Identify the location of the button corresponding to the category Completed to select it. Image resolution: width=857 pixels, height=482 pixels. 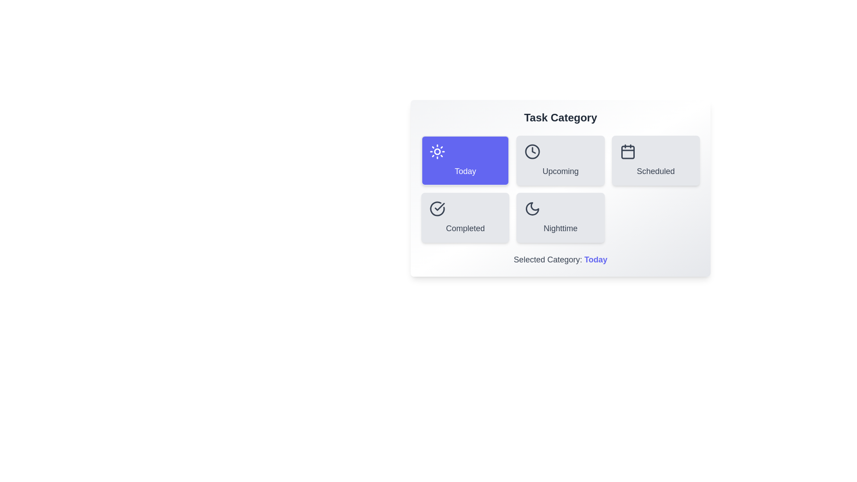
(465, 218).